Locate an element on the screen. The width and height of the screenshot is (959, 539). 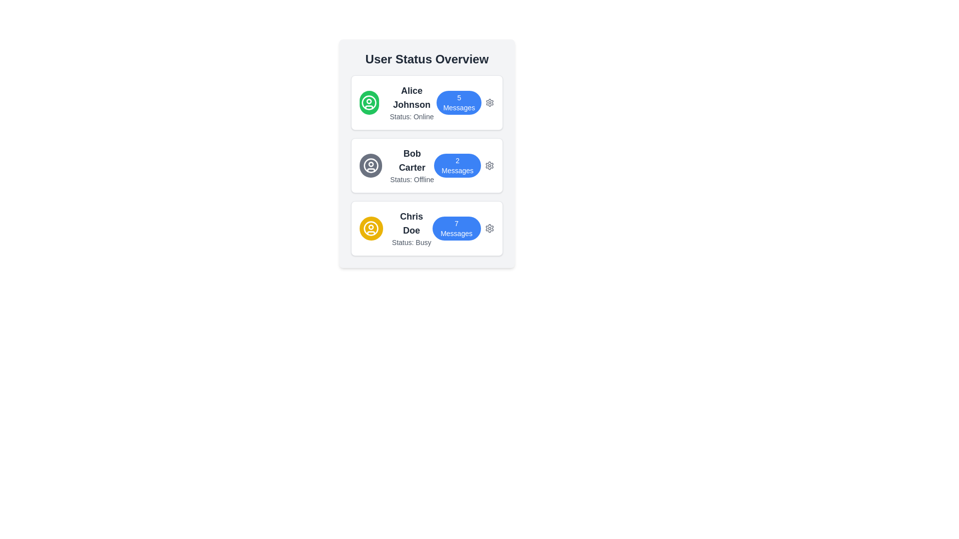
text from the header labeled 'User Status Overview', which is styled in bold and large font and positioned at the top of the user information panel is located at coordinates (427, 59).